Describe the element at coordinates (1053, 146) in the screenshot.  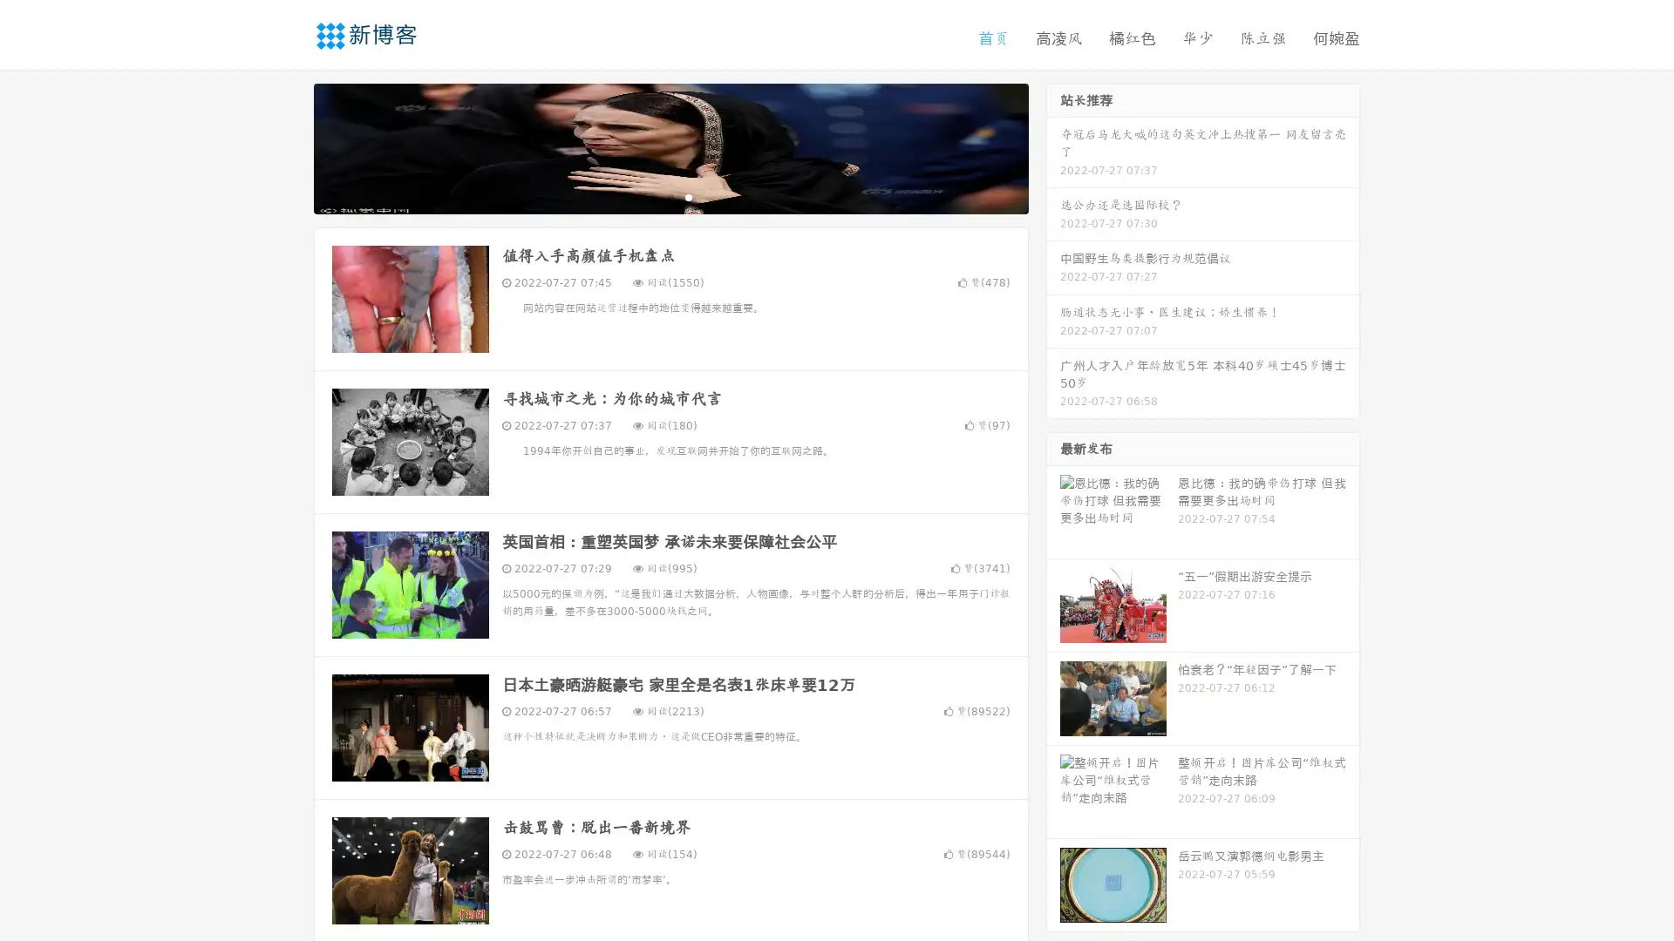
I see `Next slide` at that location.